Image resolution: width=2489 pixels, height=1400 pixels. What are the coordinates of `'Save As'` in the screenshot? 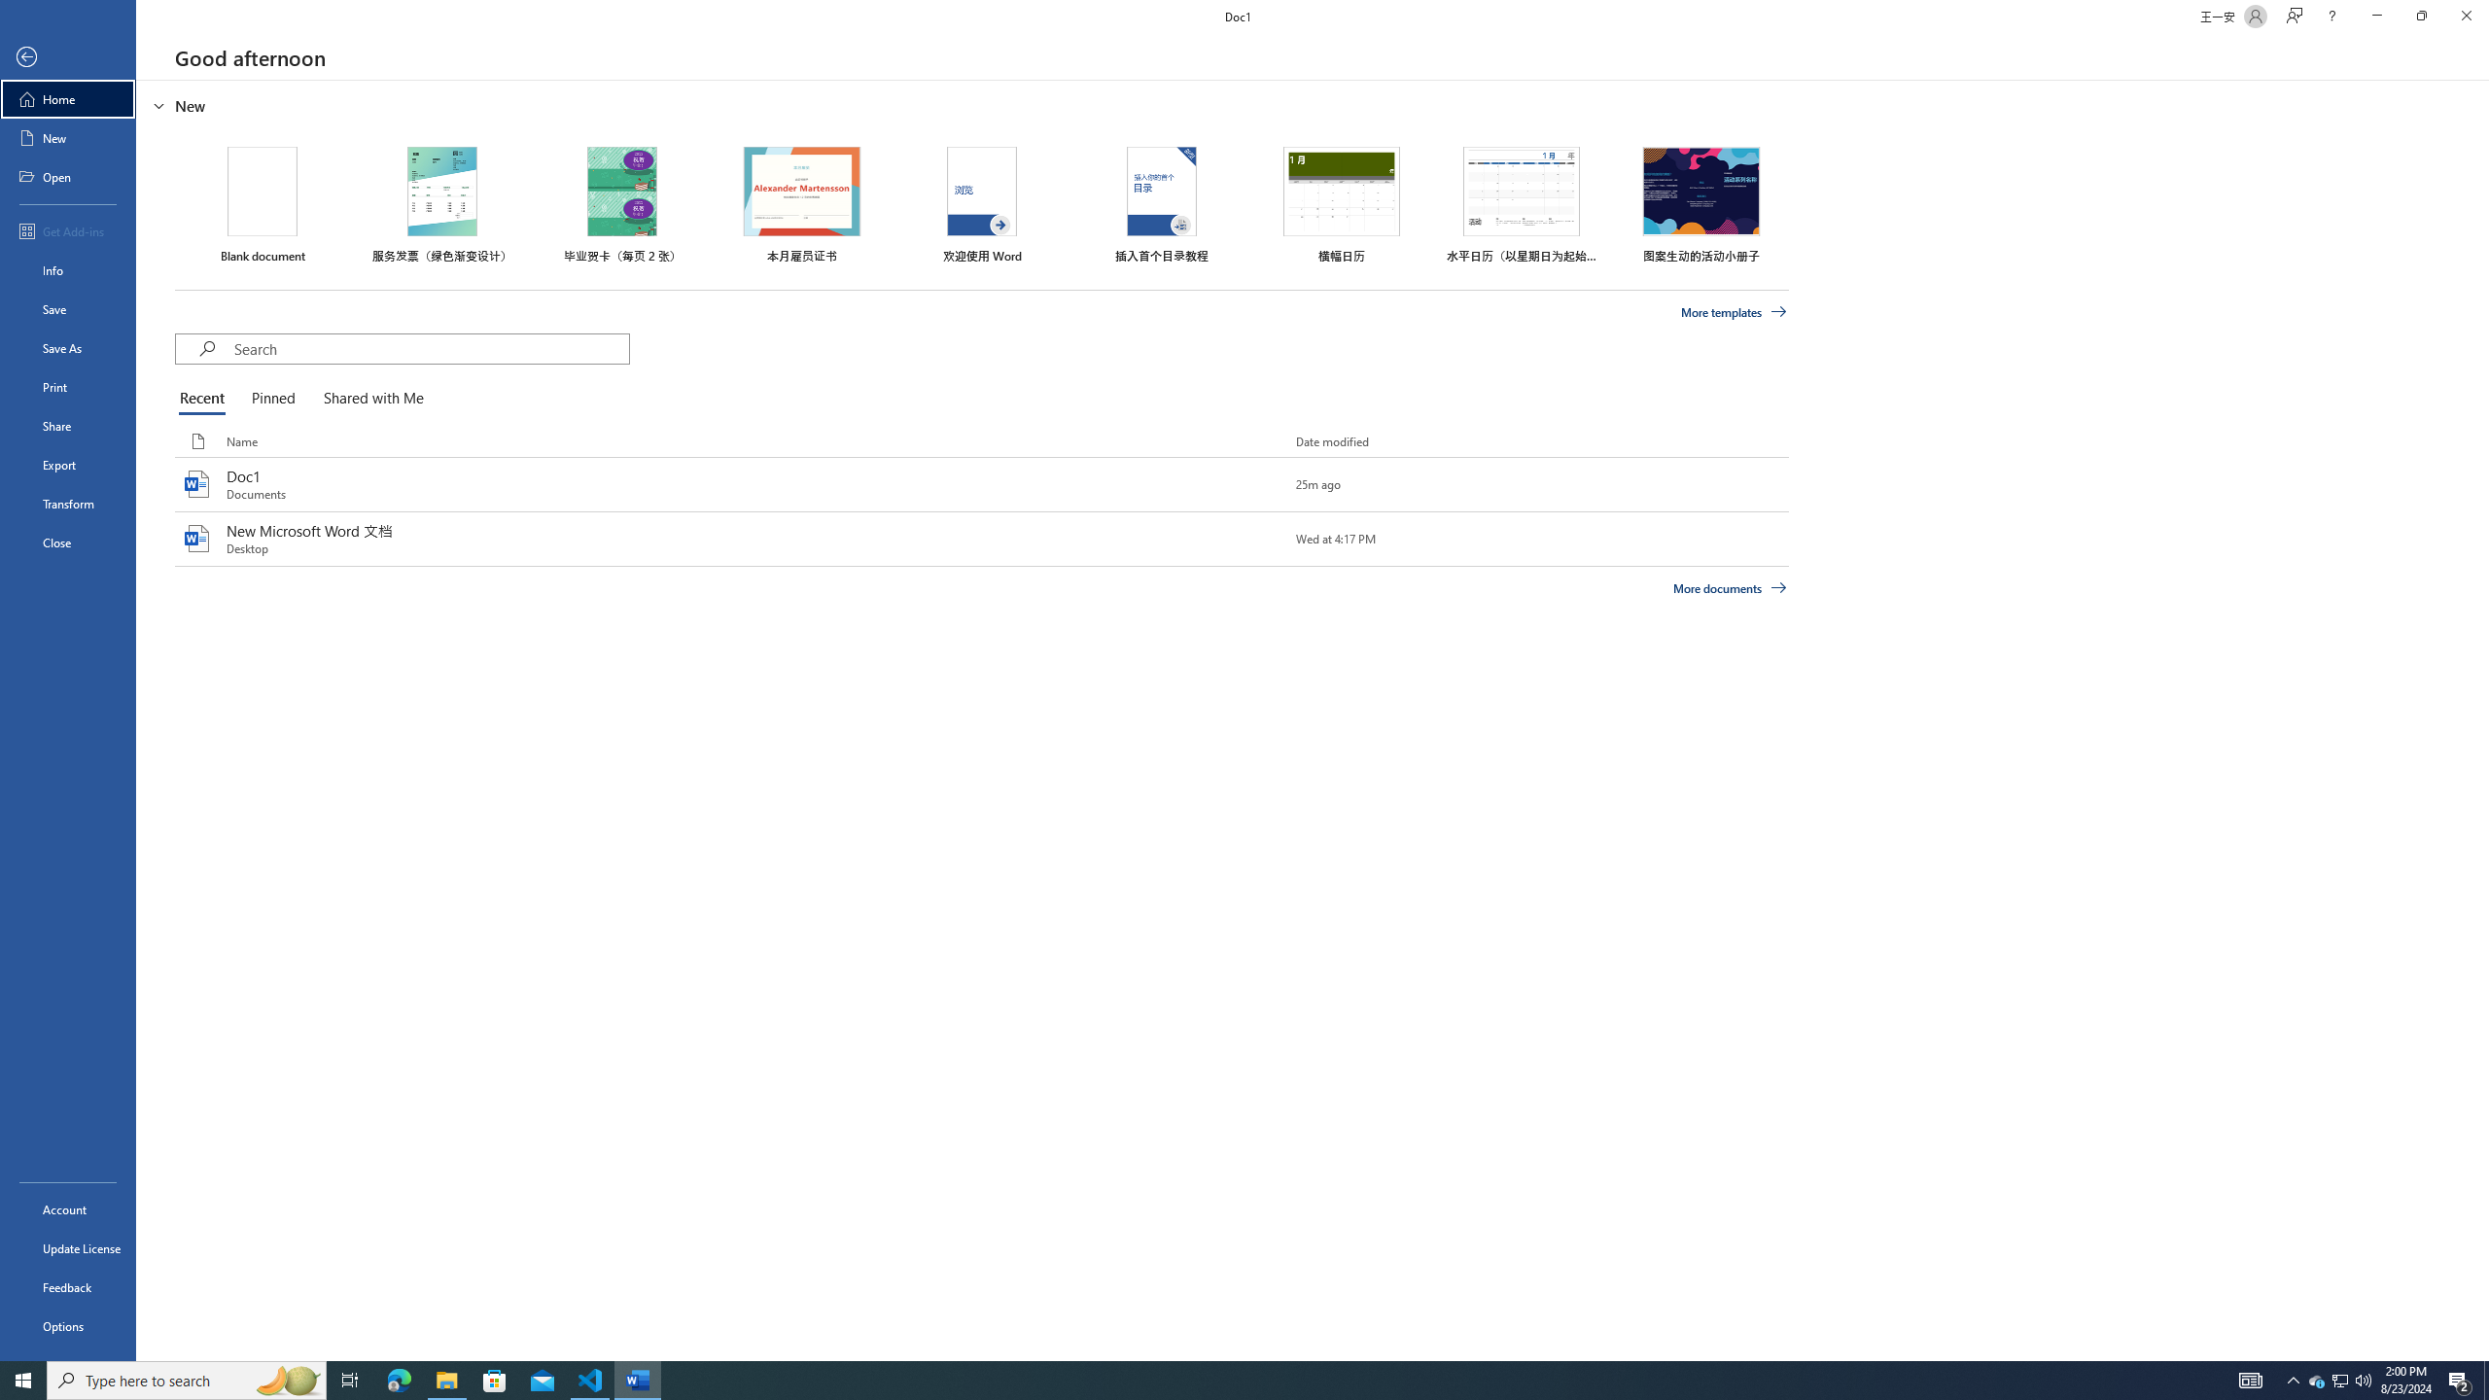 It's located at (67, 346).